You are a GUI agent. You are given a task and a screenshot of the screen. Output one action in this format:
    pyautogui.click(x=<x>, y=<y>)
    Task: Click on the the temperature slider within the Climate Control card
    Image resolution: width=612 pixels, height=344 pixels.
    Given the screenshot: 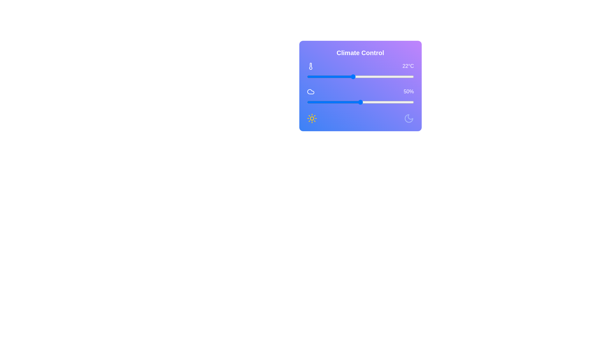 What is the action you would take?
    pyautogui.click(x=360, y=71)
    